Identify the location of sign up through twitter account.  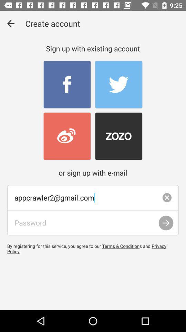
(118, 84).